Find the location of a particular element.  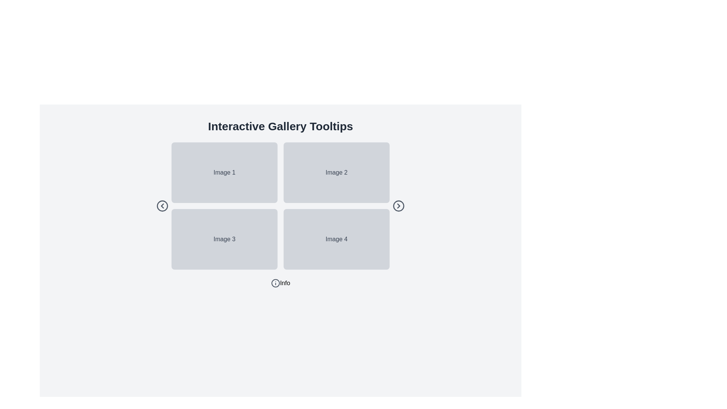

the text label that indicates the name or category of the associated image in the upper-left quadrant of the grid interface is located at coordinates (224, 172).